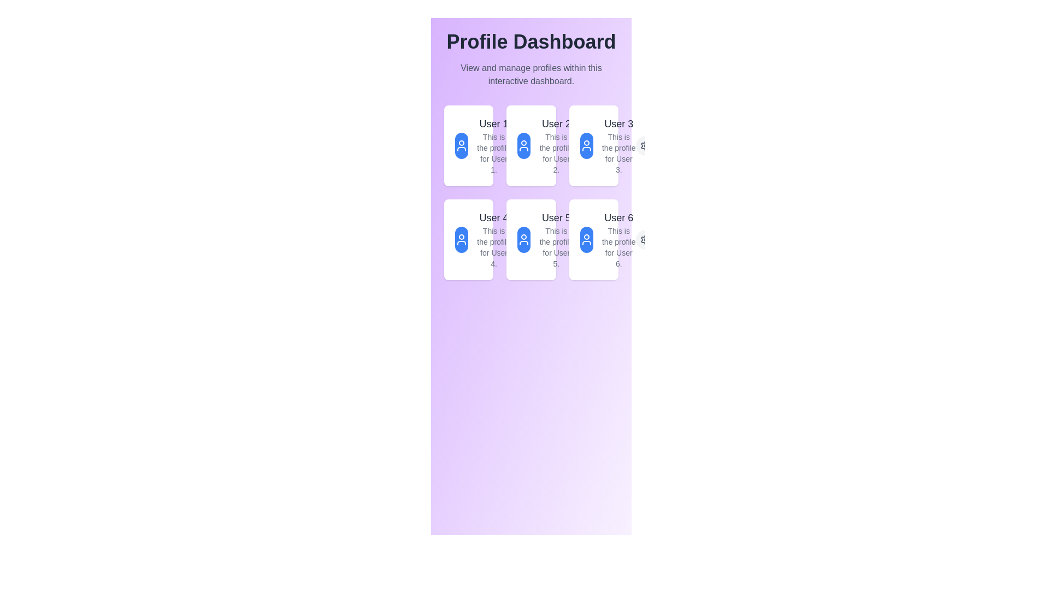 The width and height of the screenshot is (1049, 590). What do you see at coordinates (523, 239) in the screenshot?
I see `the circular icon with a blue background and white user profile symbol located in the card labeled 'User 5' in the second row, second column of the grid layout` at bounding box center [523, 239].